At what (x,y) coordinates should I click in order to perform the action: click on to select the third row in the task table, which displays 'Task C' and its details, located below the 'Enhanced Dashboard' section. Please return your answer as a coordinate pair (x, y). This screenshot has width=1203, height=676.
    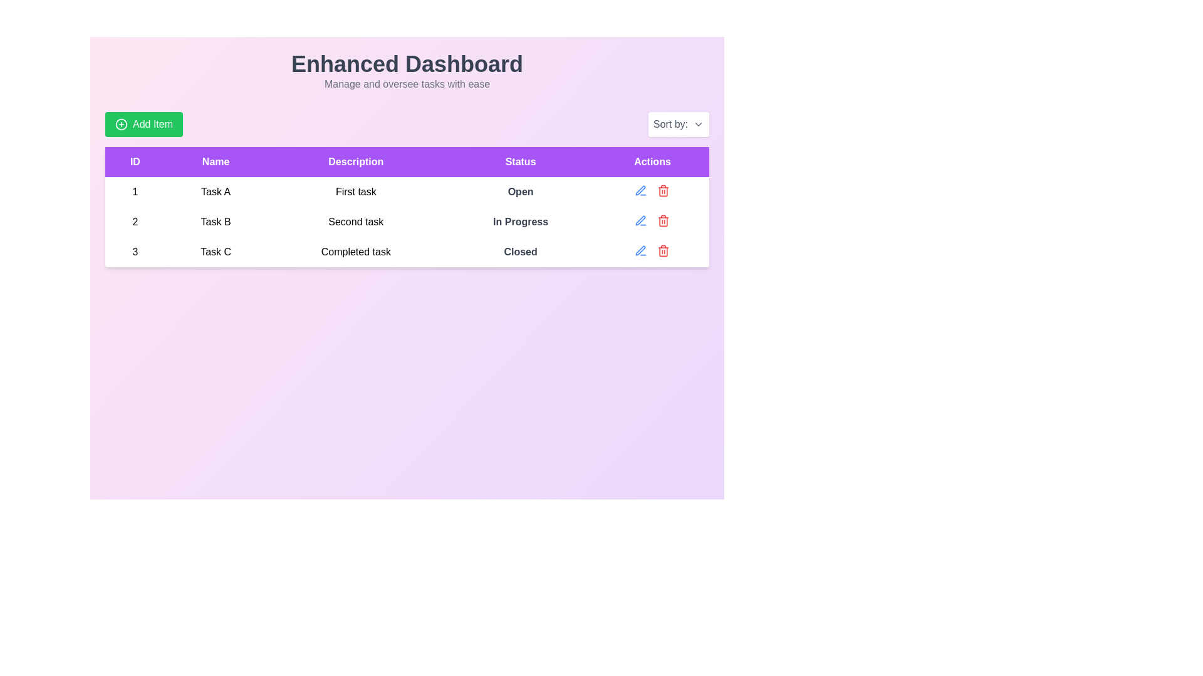
    Looking at the image, I should click on (407, 252).